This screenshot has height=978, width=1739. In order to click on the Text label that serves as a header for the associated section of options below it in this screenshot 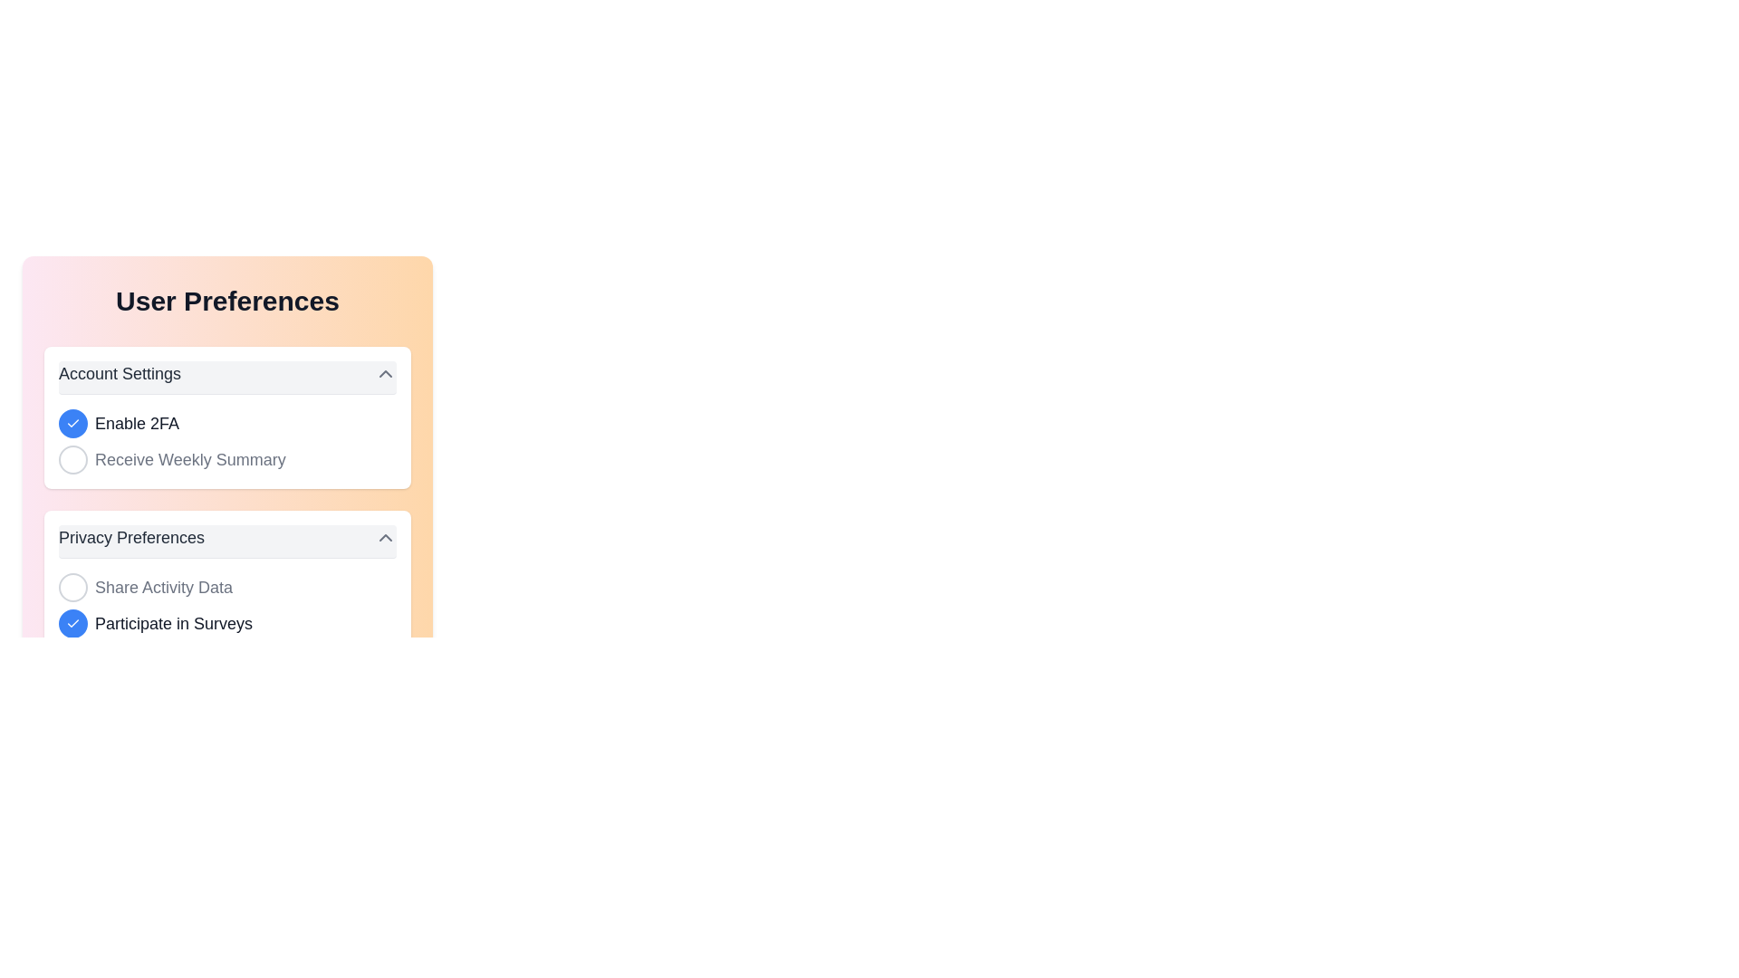, I will do `click(130, 537)`.